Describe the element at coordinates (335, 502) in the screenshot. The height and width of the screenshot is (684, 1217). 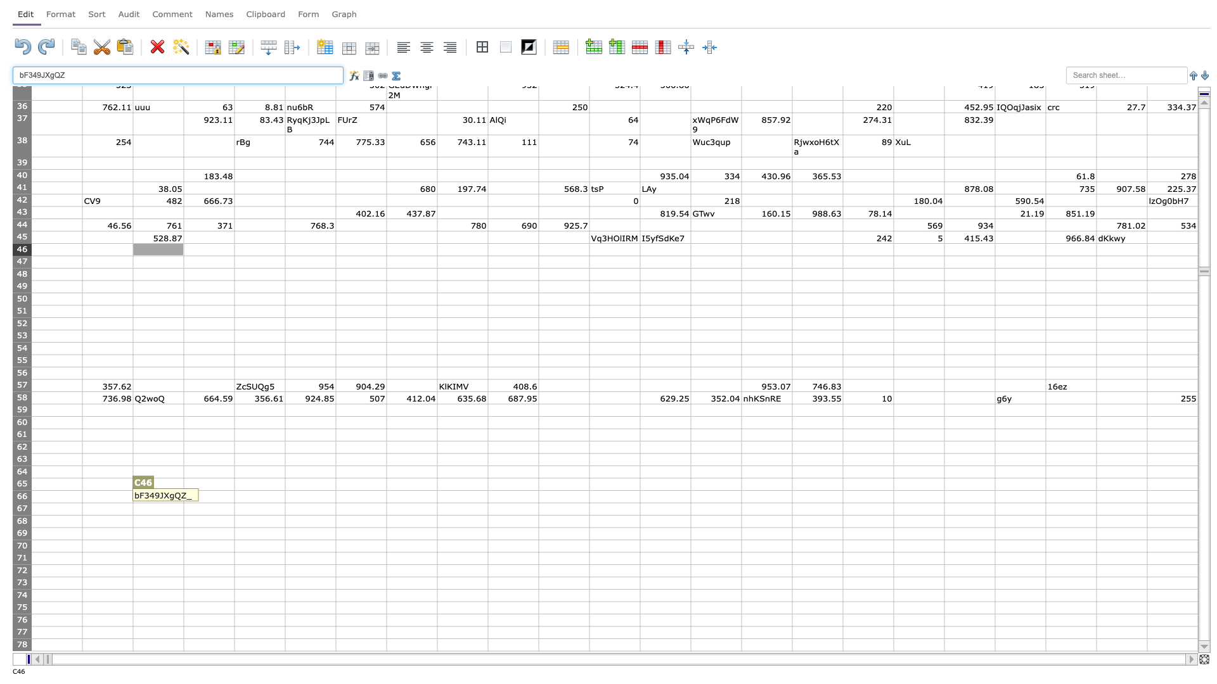
I see `Bottom right corner of F-66` at that location.